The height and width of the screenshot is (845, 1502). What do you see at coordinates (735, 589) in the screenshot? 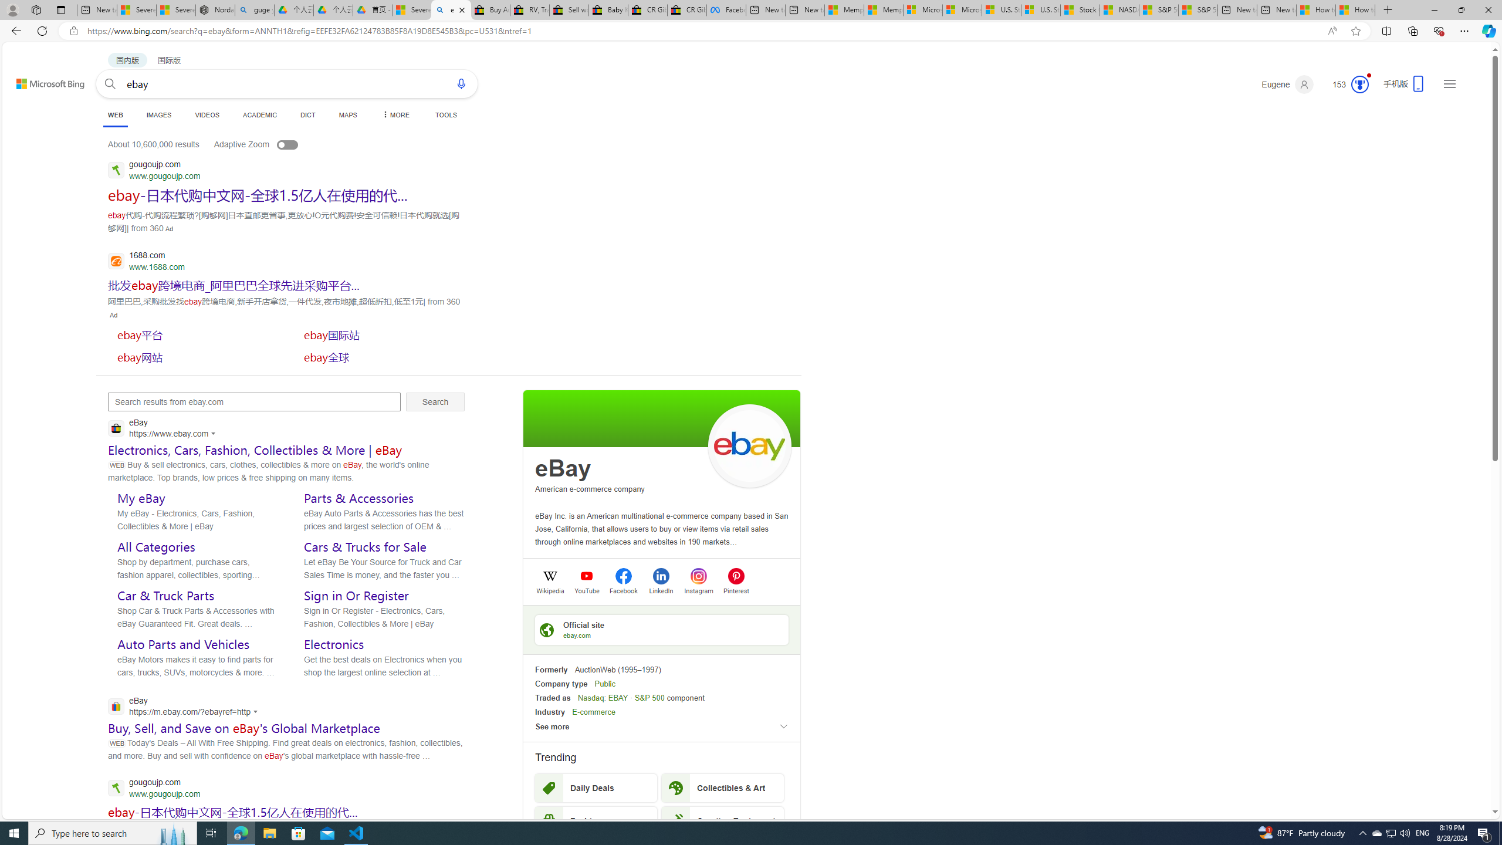
I see `'Pinterest'` at bounding box center [735, 589].